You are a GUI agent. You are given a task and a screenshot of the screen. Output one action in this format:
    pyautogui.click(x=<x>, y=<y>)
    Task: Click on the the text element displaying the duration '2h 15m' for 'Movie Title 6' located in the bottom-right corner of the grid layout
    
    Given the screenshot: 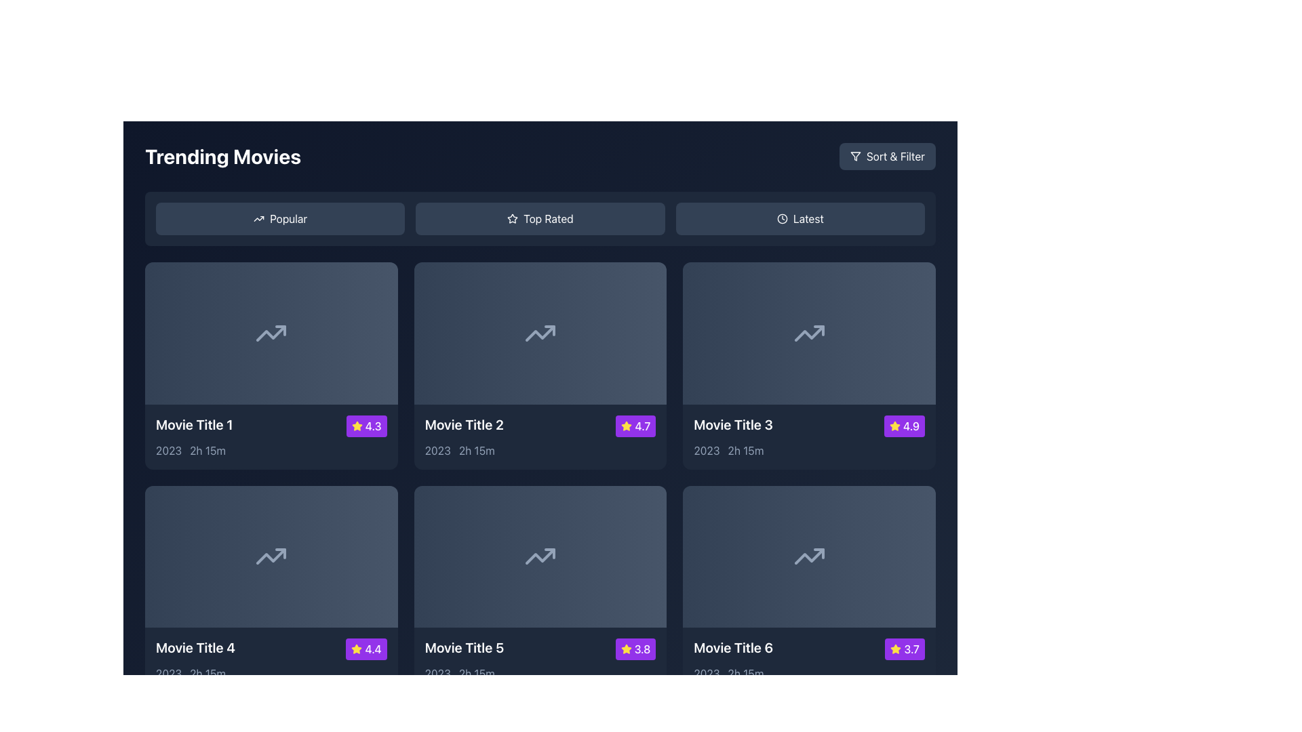 What is the action you would take?
    pyautogui.click(x=745, y=674)
    